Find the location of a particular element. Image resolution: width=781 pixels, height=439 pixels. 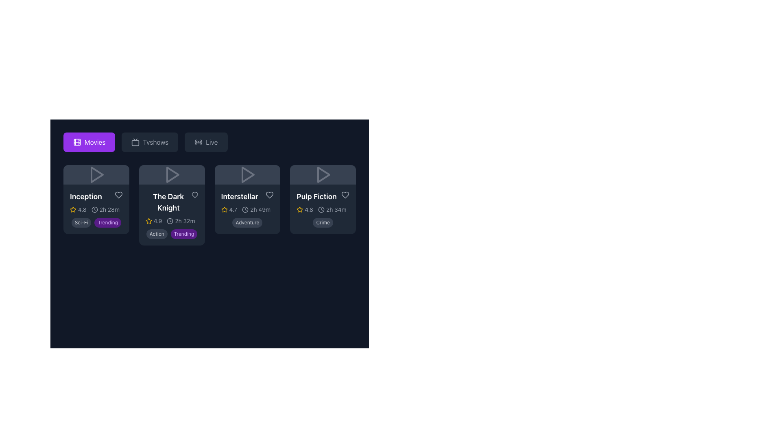

the play icon for the movie 'Pulp Fiction', located in the fourth position of the movie cards list is located at coordinates (323, 174).